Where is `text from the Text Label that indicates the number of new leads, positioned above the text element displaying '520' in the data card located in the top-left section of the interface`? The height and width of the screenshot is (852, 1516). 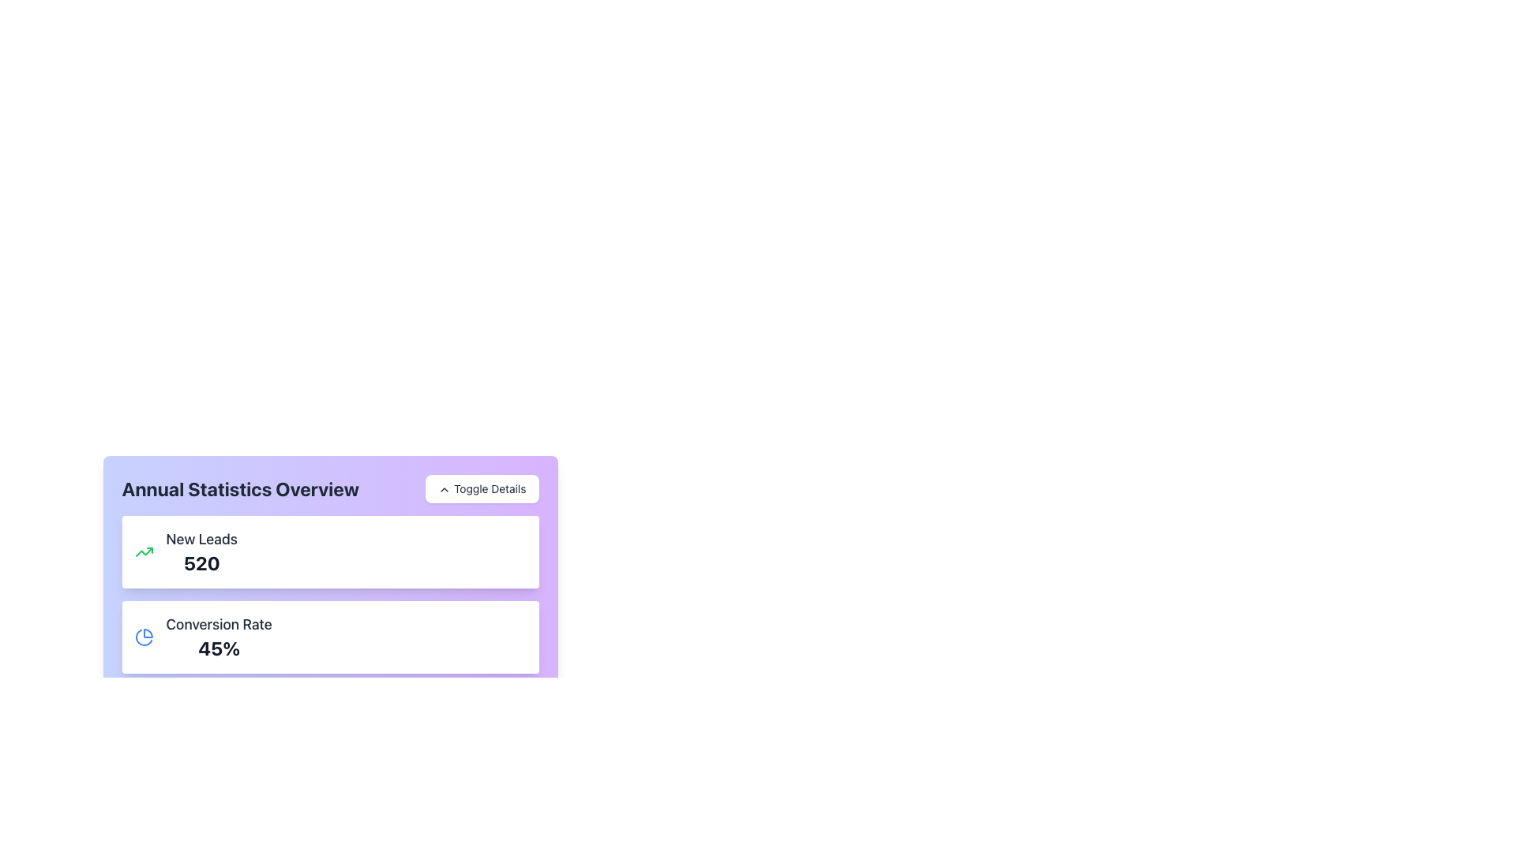
text from the Text Label that indicates the number of new leads, positioned above the text element displaying '520' in the data card located in the top-left section of the interface is located at coordinates (201, 538).